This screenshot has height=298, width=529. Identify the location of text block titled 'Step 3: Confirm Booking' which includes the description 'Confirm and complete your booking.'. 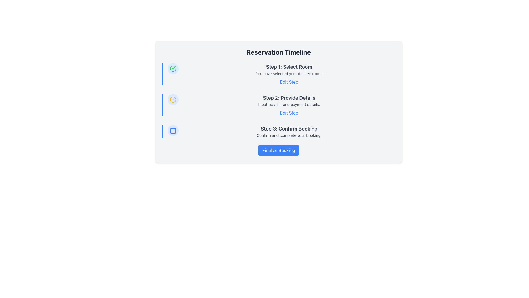
(289, 132).